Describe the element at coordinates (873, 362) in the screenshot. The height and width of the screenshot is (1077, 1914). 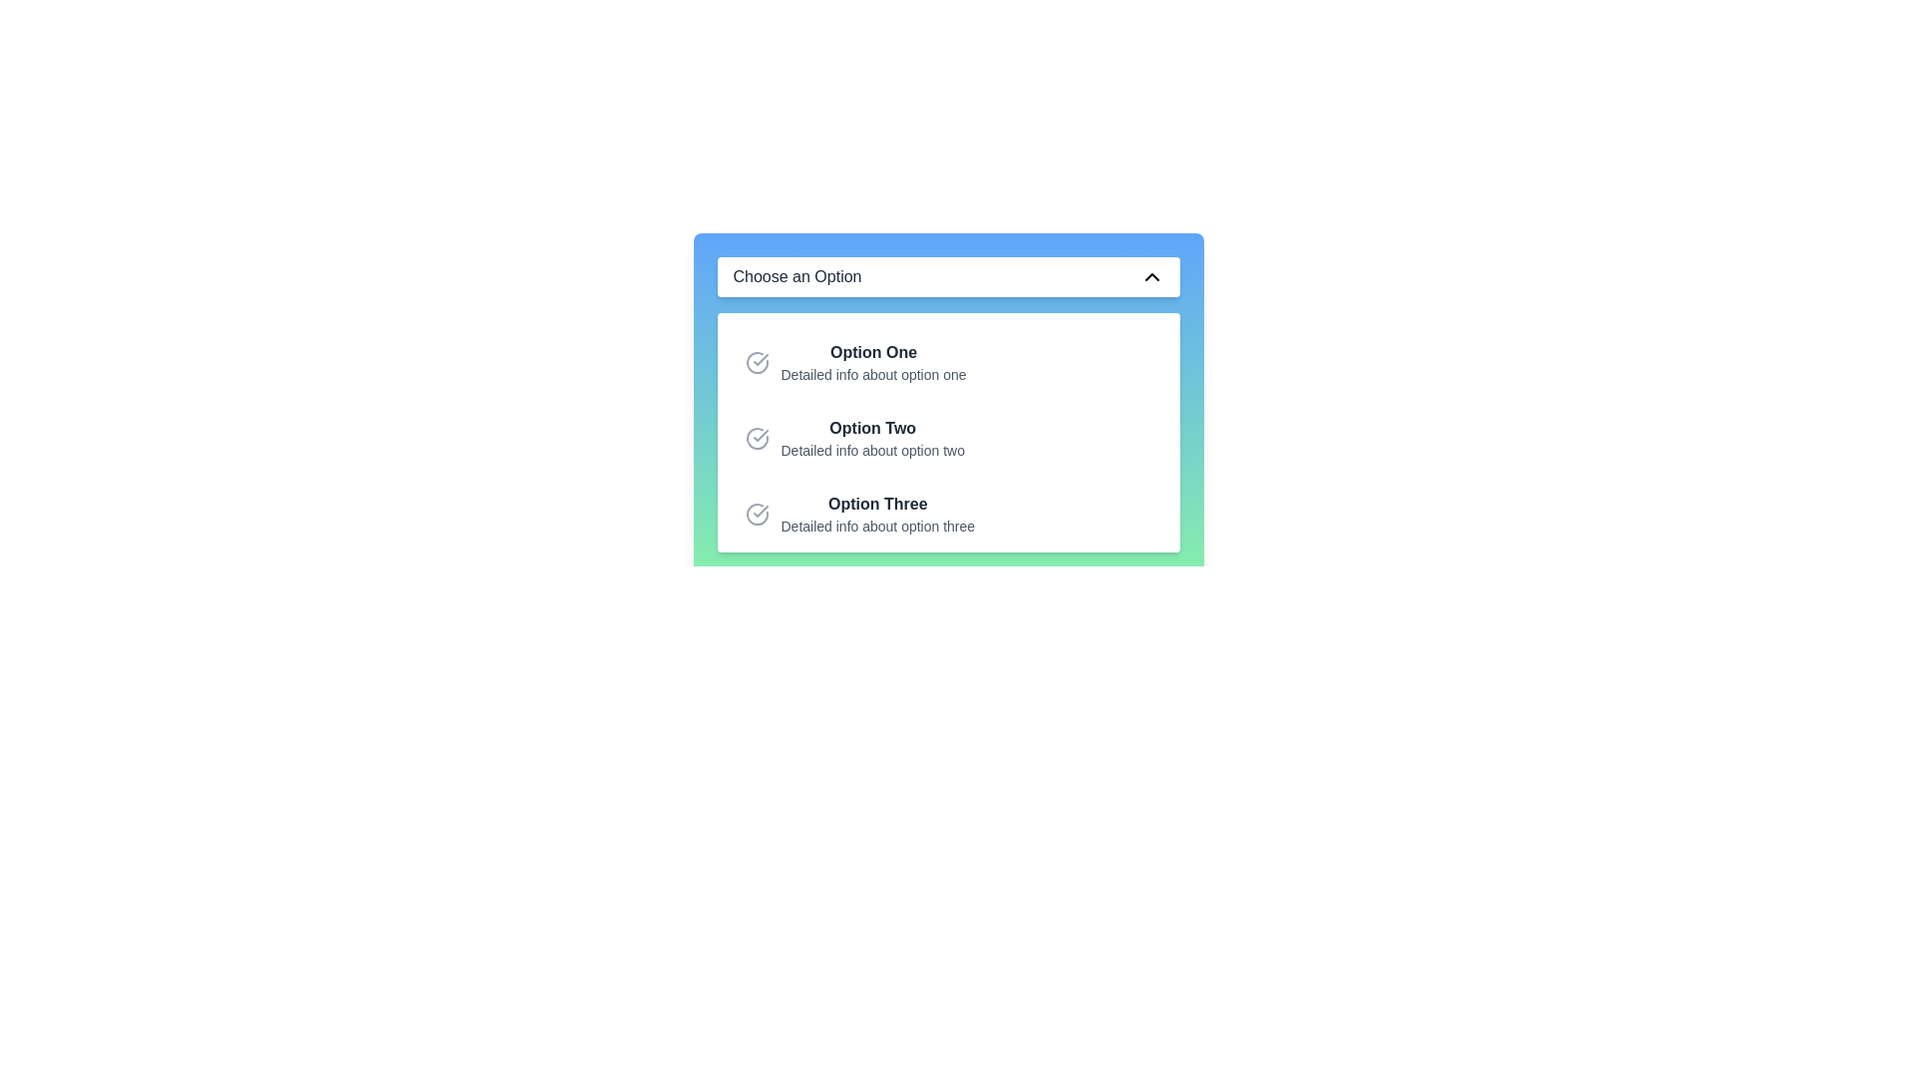
I see `the first list item in the dropdown titled 'Choose an Option'` at that location.